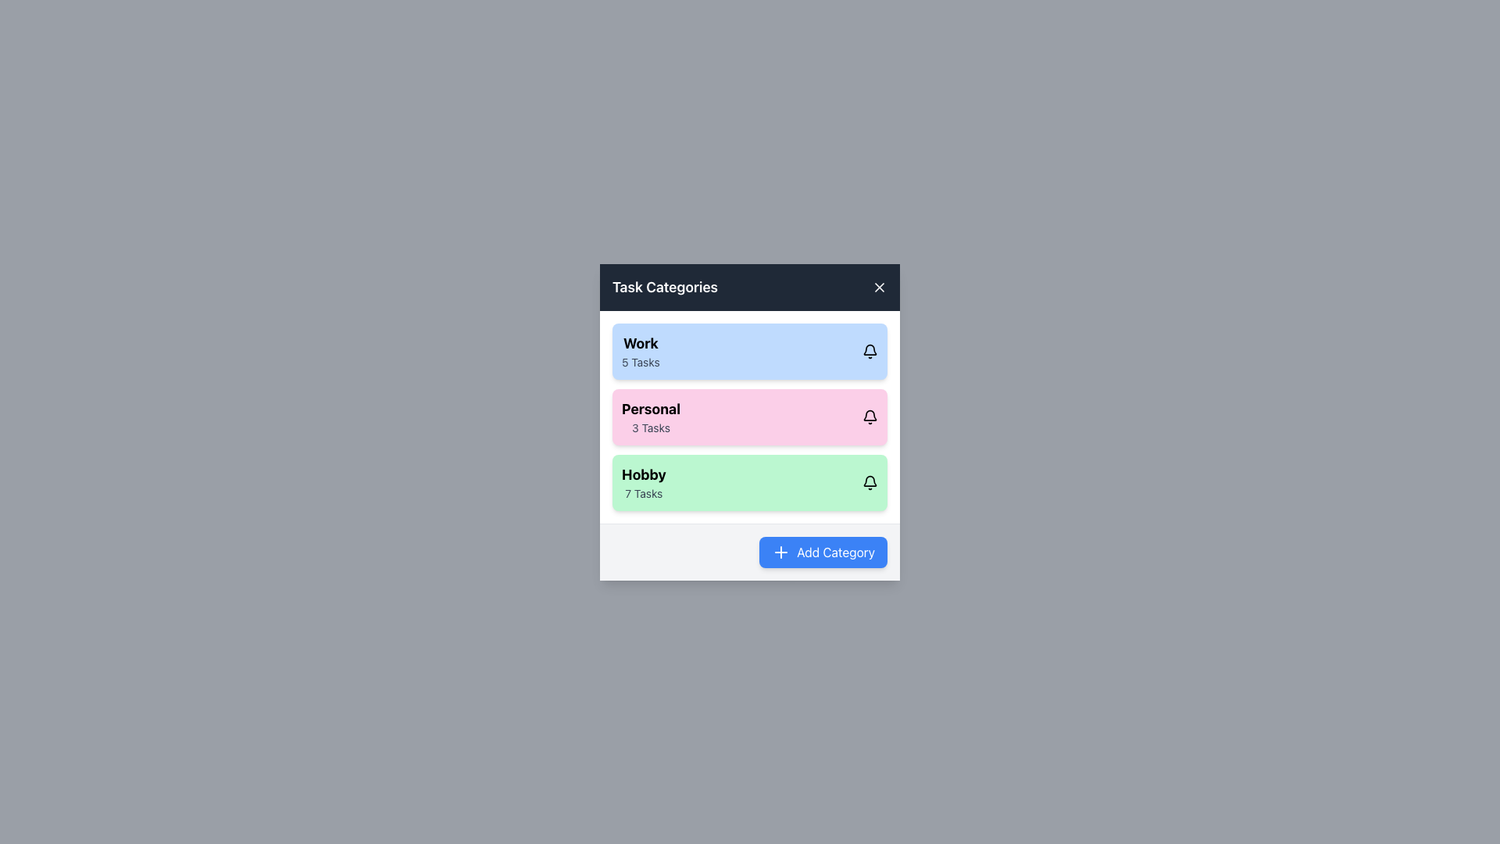 The height and width of the screenshot is (844, 1500). What do you see at coordinates (750, 415) in the screenshot?
I see `the 'Personal' category block which is the second section in a vertical list of categories` at bounding box center [750, 415].